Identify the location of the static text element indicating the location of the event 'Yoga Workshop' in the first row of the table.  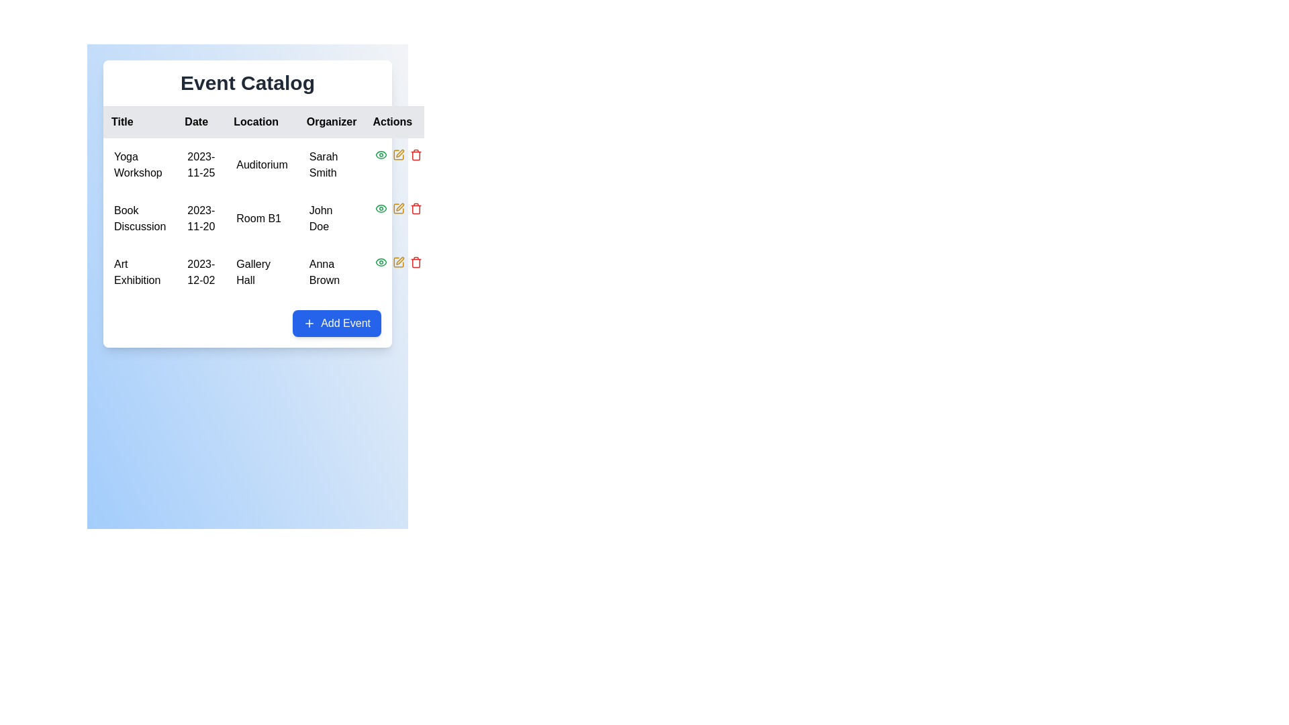
(262, 164).